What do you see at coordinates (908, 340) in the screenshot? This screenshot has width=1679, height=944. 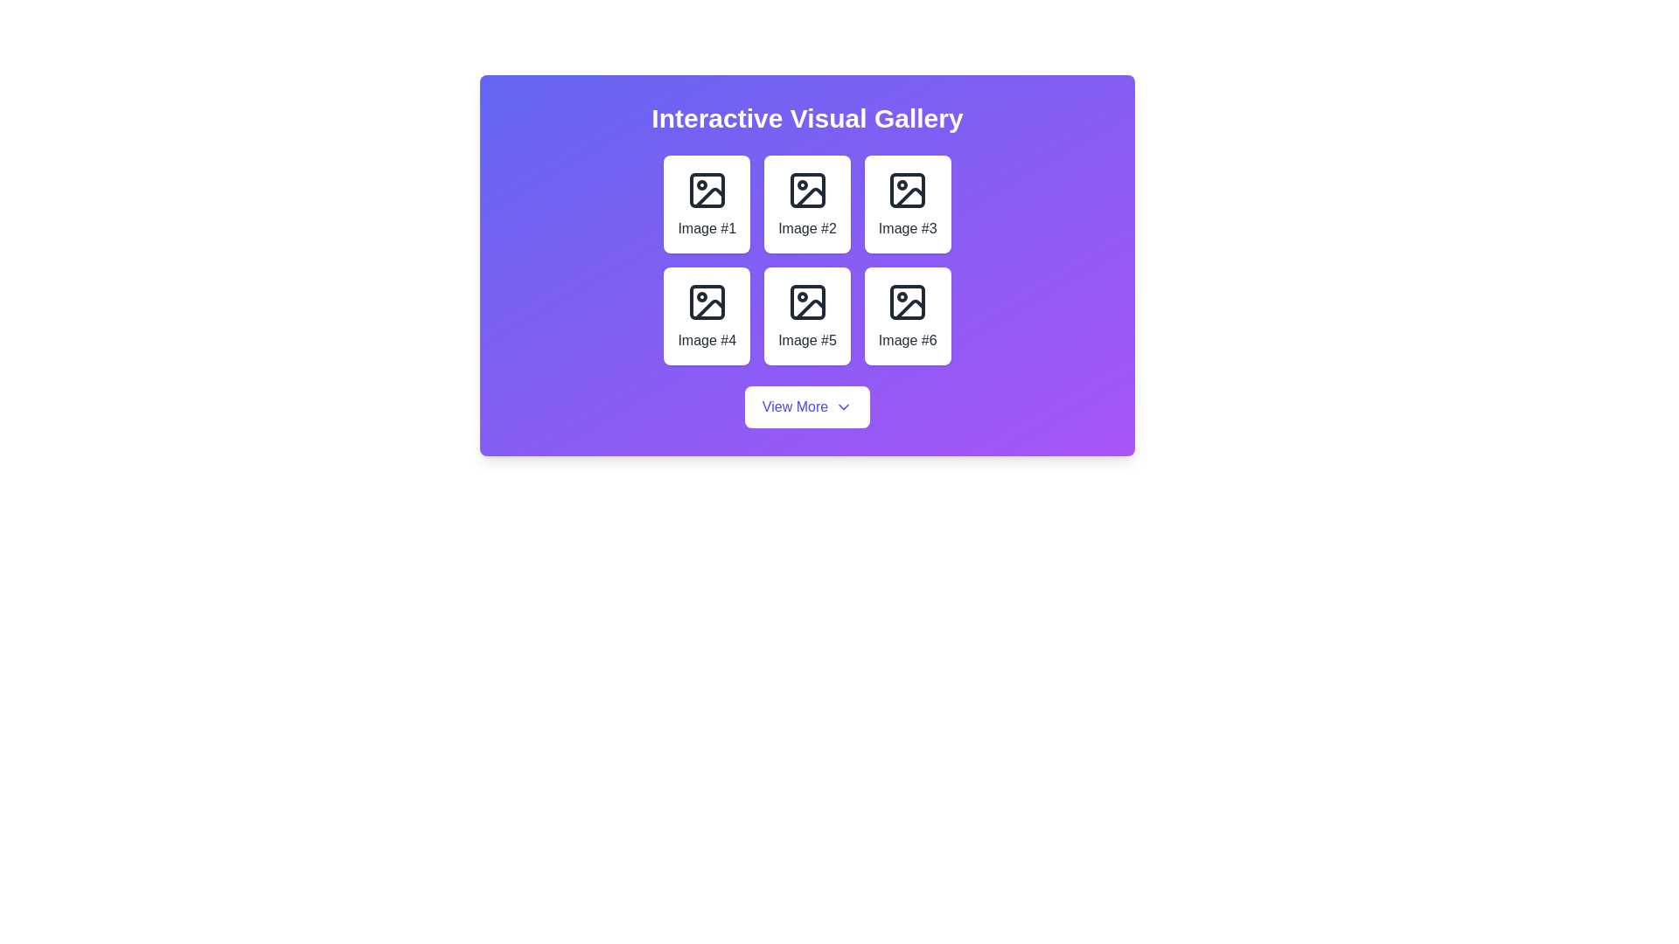 I see `the text label 'Image #6' which is centrally aligned within its tile in the 'Interactive Visual Gallery'` at bounding box center [908, 340].